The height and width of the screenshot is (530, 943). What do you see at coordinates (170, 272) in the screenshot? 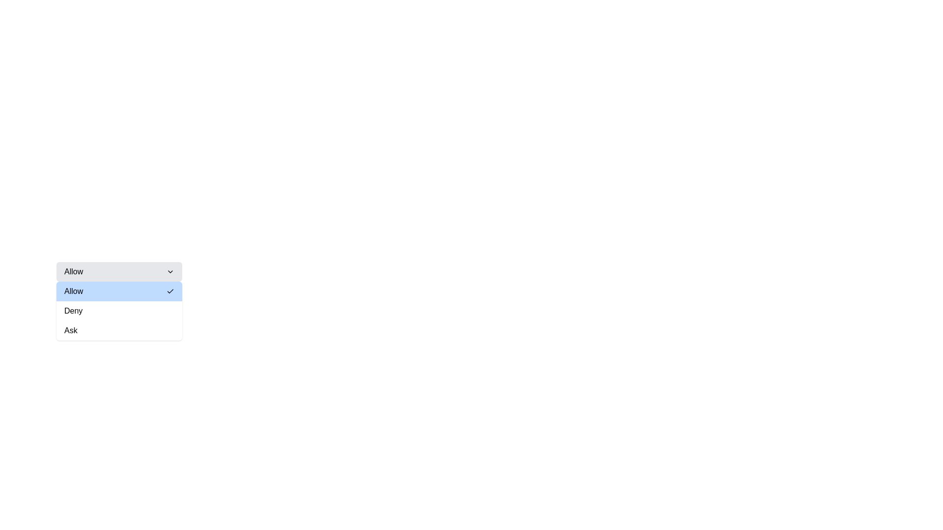
I see `the Chevron Down icon located at the far right inside the 'Allow' dropdown button` at bounding box center [170, 272].